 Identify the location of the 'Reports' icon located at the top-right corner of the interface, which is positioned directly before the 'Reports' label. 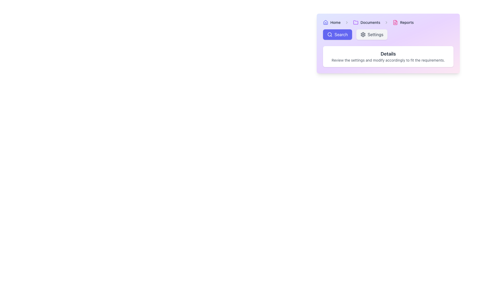
(395, 22).